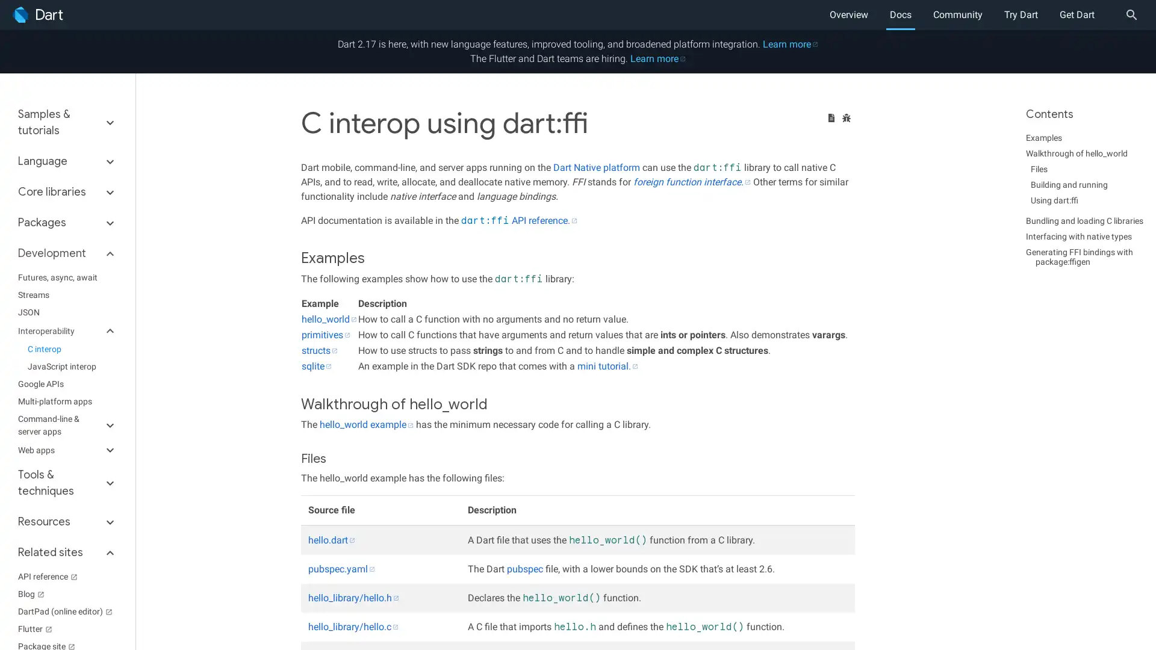 This screenshot has height=650, width=1156. I want to click on Core libraries keyboard_arrow_down, so click(67, 191).